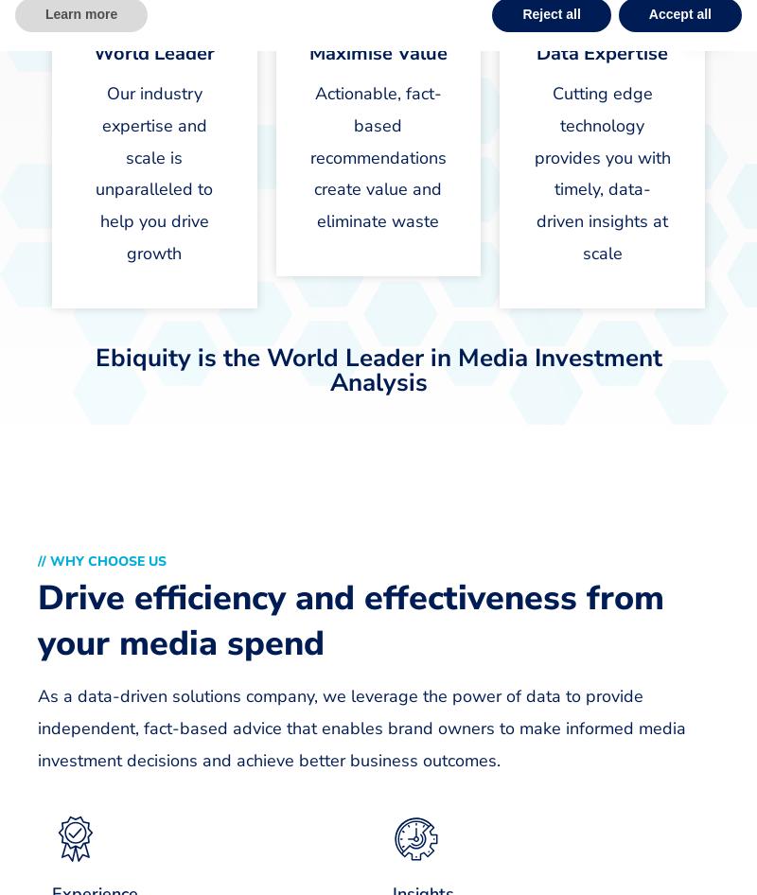  What do you see at coordinates (153, 53) in the screenshot?
I see `'World Leader'` at bounding box center [153, 53].